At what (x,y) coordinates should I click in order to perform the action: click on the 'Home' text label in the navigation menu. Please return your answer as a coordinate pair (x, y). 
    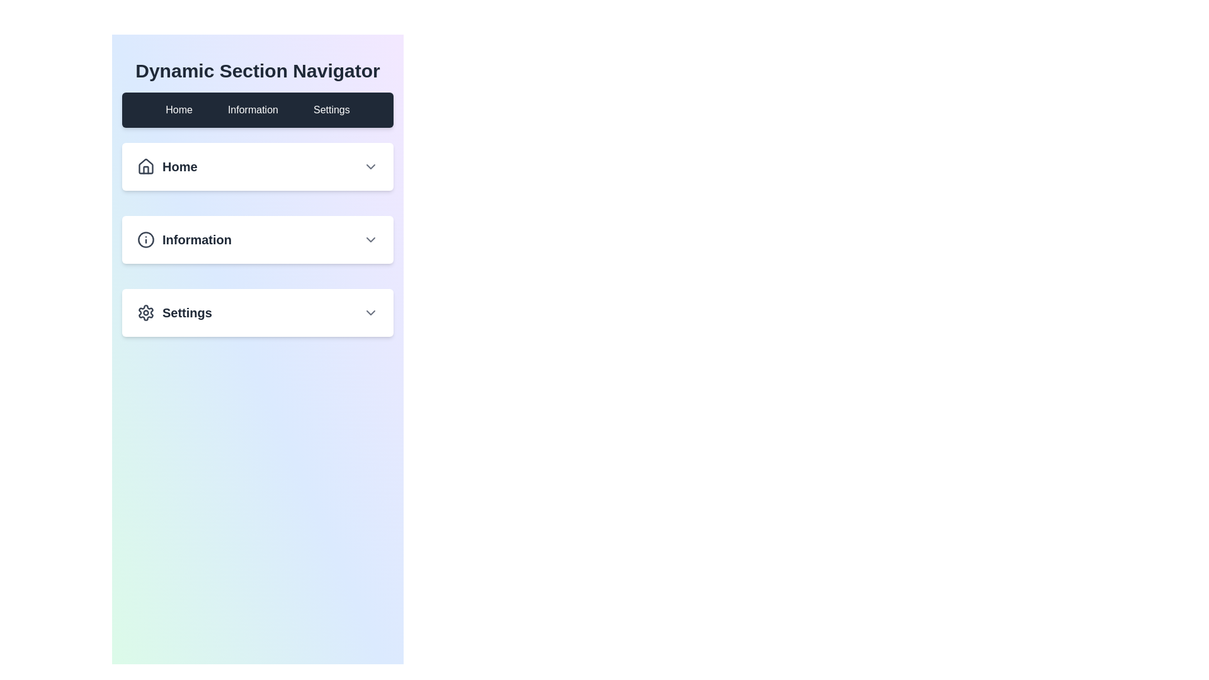
    Looking at the image, I should click on (178, 109).